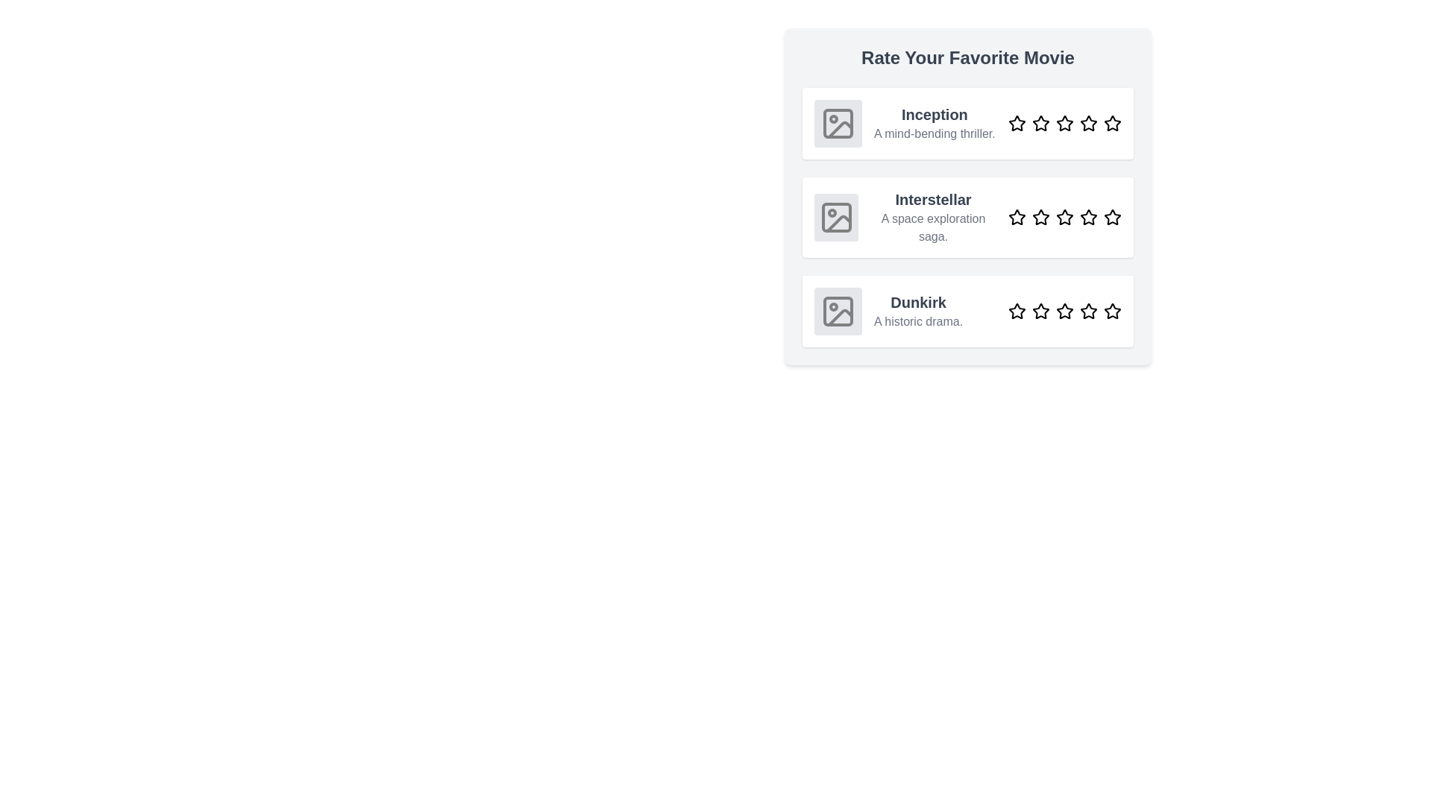 This screenshot has width=1432, height=805. Describe the element at coordinates (1040, 122) in the screenshot. I see `the second star icon in the rating component for the movie 'Inception'` at that location.